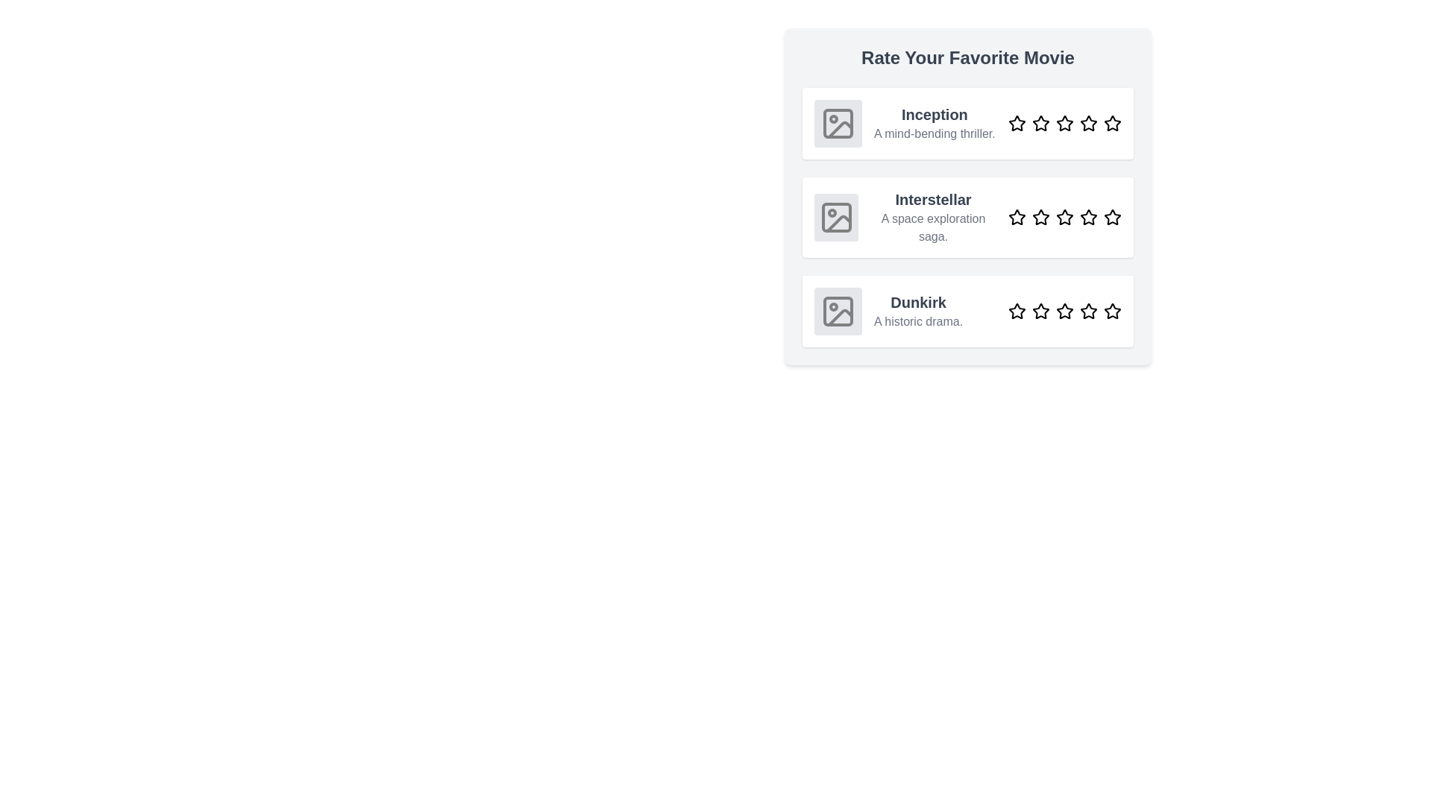 This screenshot has width=1432, height=805. Describe the element at coordinates (1040, 122) in the screenshot. I see `the second star icon in the rating component for the movie 'Inception'` at that location.